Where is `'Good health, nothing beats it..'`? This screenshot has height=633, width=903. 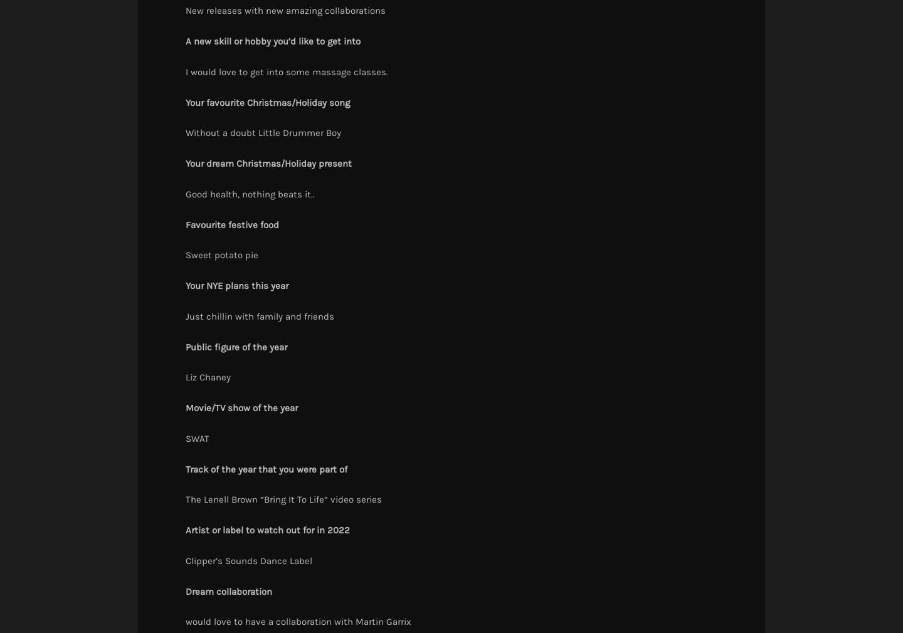 'Good health, nothing beats it..' is located at coordinates (250, 193).